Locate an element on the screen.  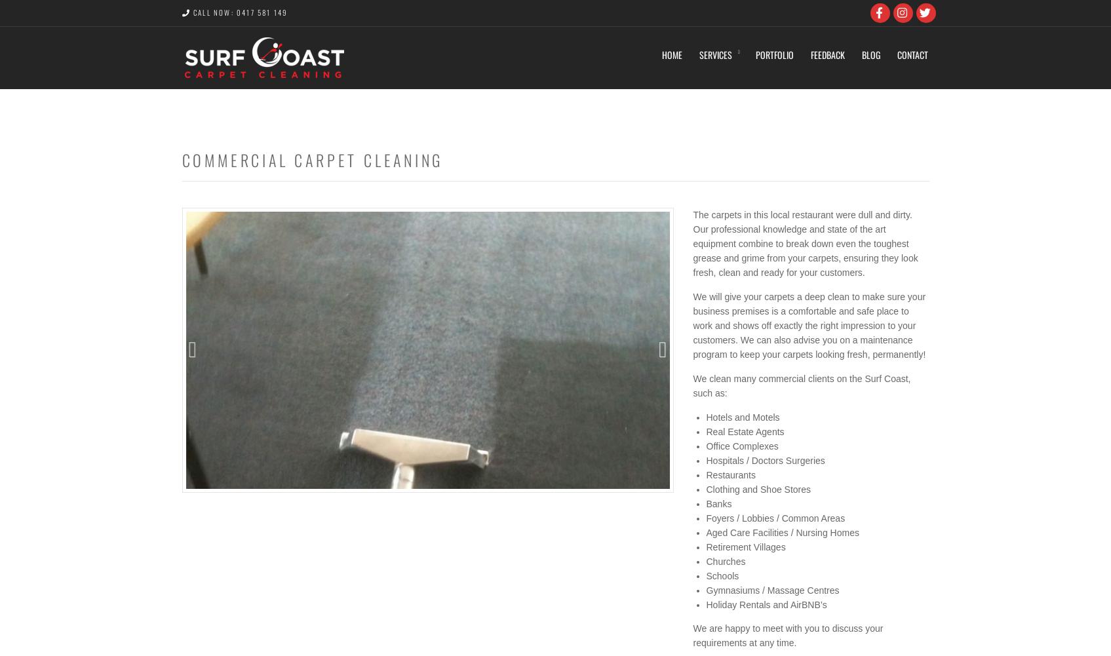
'Aged Care Facilities / Nursing Homes' is located at coordinates (706, 532).